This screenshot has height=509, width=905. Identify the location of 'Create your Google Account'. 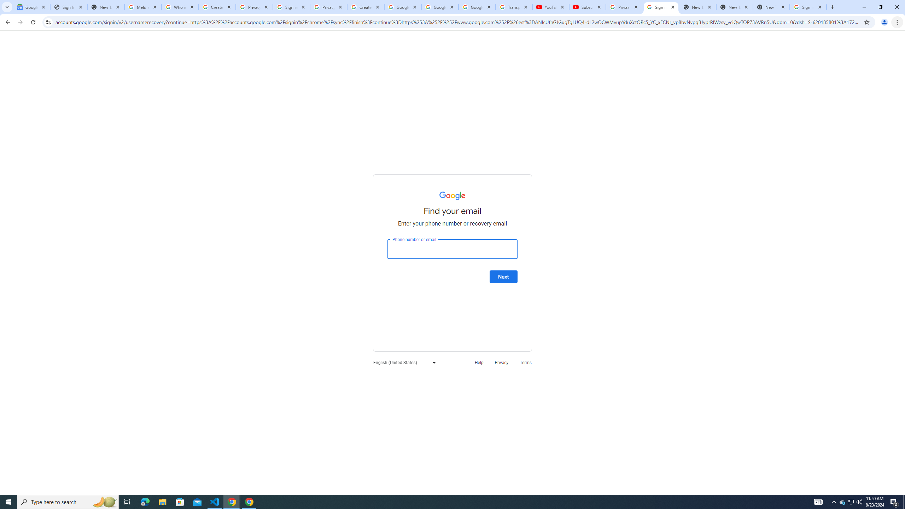
(366, 7).